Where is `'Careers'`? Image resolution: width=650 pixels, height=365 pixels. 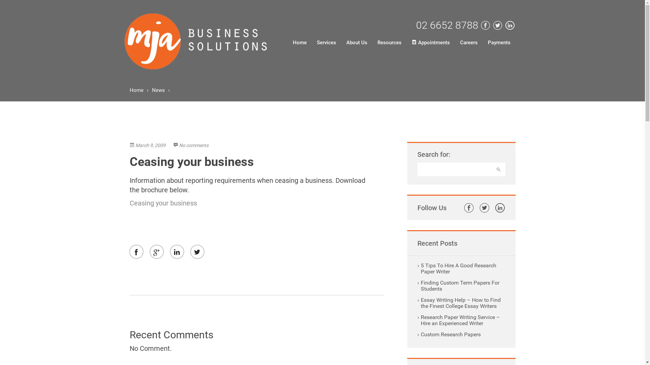
'Careers' is located at coordinates (469, 43).